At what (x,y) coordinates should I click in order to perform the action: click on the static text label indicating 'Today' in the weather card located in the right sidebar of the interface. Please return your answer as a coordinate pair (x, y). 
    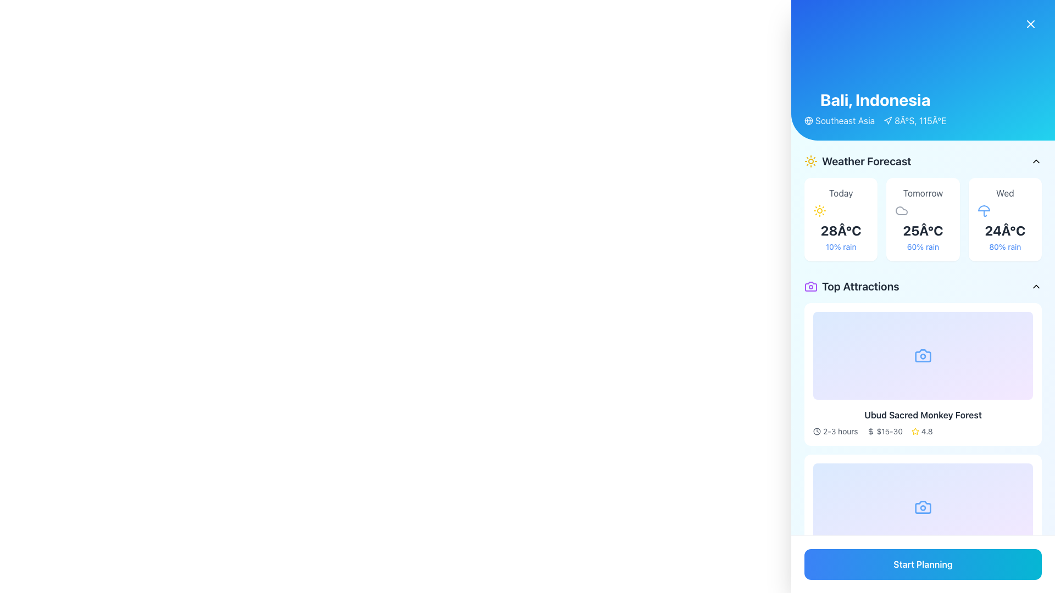
    Looking at the image, I should click on (840, 192).